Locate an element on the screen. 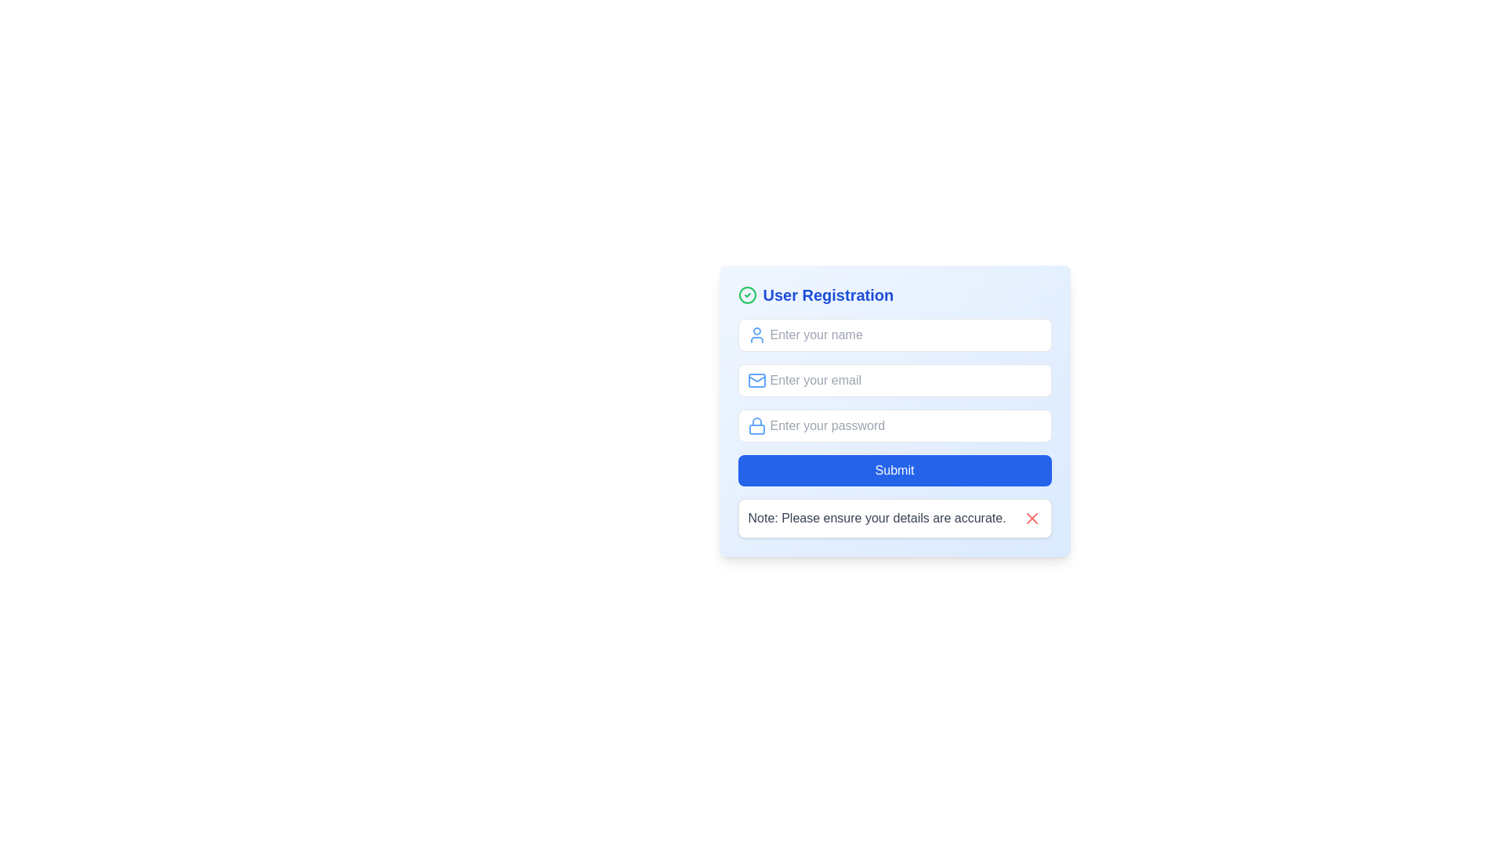  the notification box located at the bottom of the 'User Registration' form is located at coordinates (894, 519).